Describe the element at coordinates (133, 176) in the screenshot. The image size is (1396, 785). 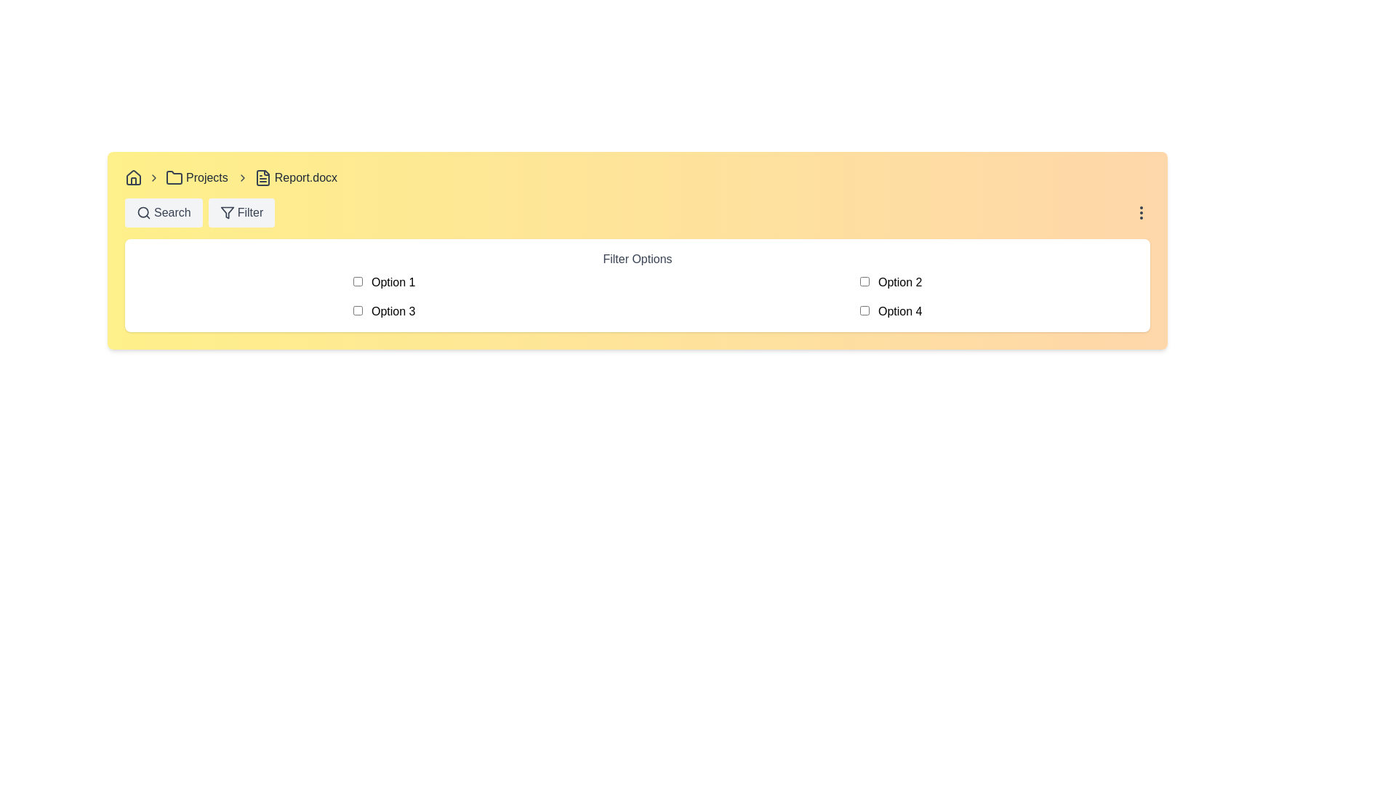
I see `the 'Home' icon in the breadcrumb navigation bar, which features a minimalist house outline with a triangular roof and rectangular body` at that location.